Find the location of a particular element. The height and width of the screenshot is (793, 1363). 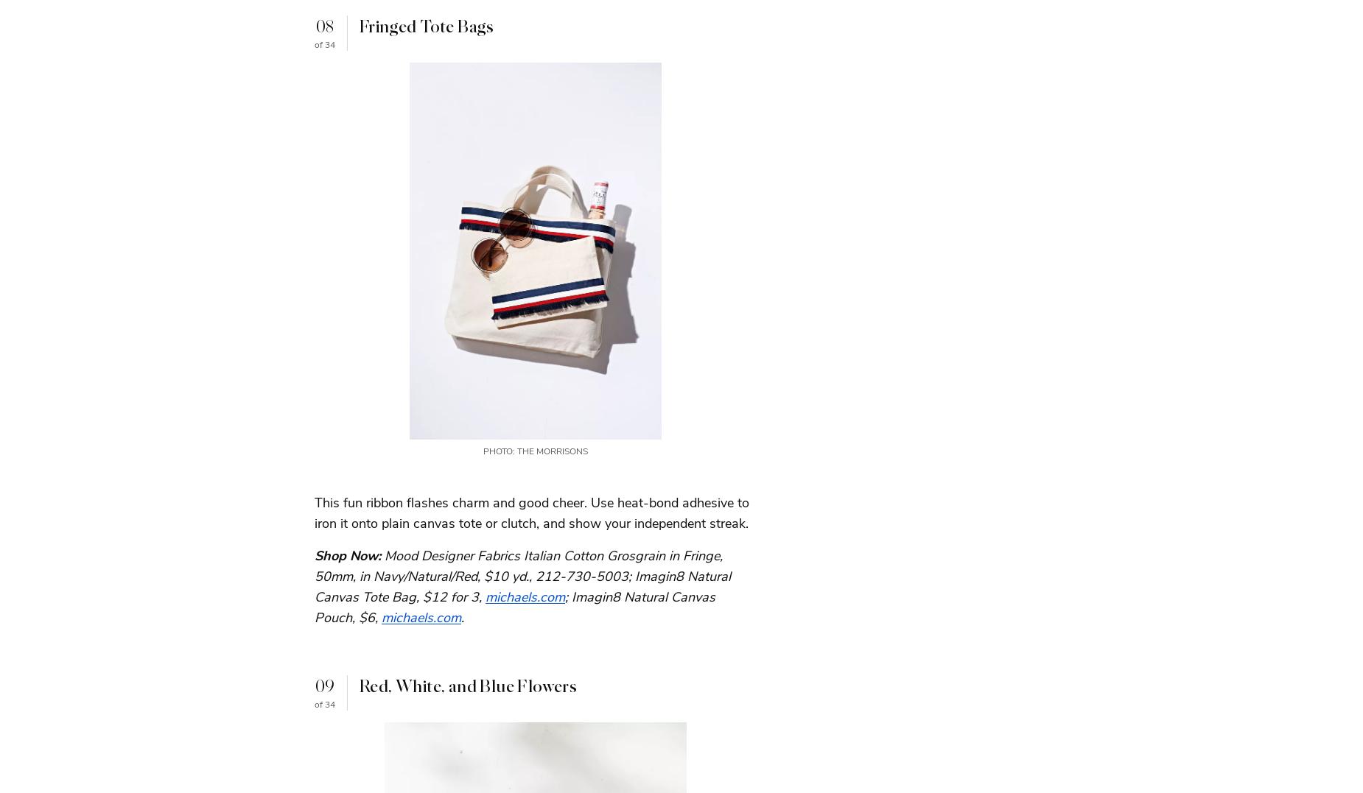

'This fun ribbon flashes charm and good cheer. Use heat-bond adhesive to iron it onto plain canvas tote or clutch, and show your independent streak.' is located at coordinates (532, 511).